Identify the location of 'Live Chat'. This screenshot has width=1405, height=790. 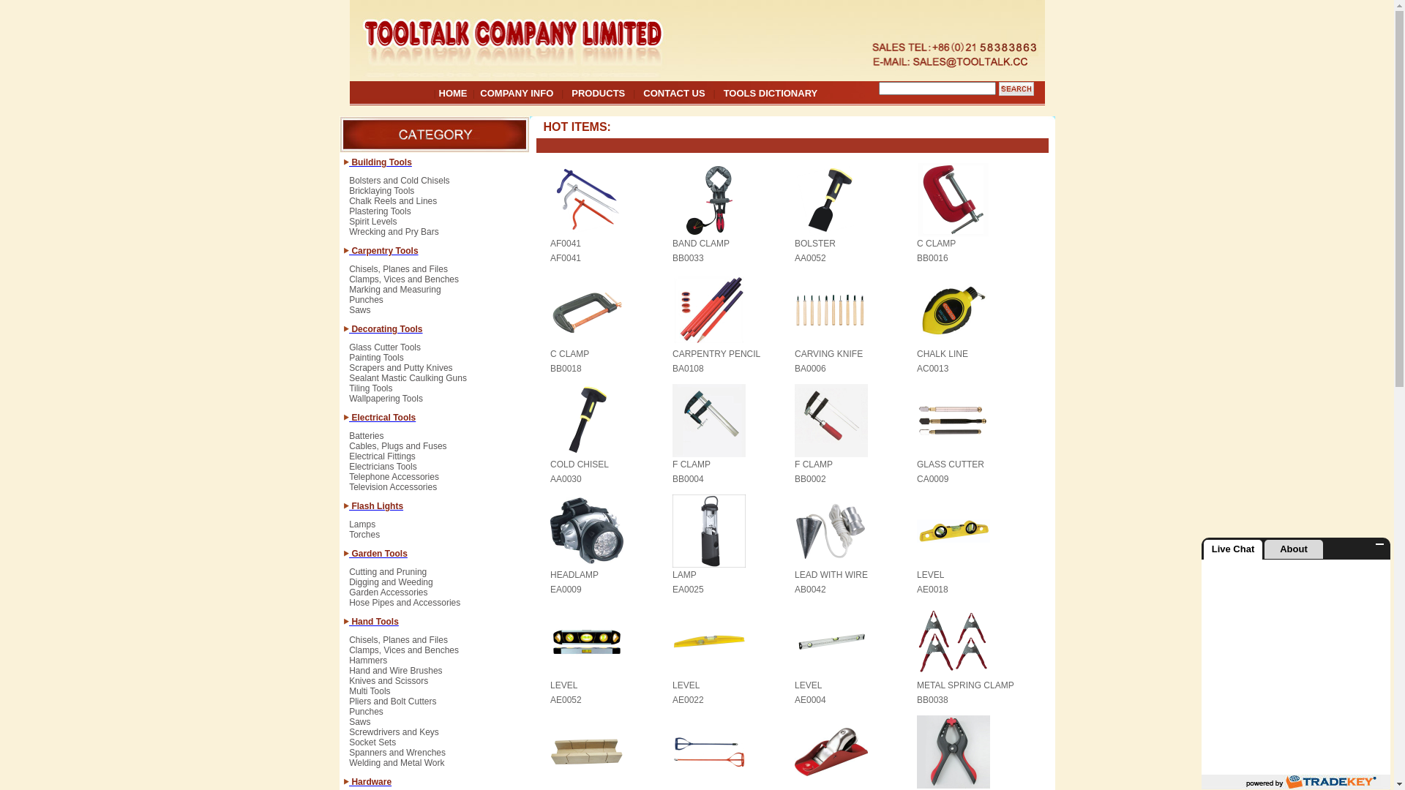
(1232, 550).